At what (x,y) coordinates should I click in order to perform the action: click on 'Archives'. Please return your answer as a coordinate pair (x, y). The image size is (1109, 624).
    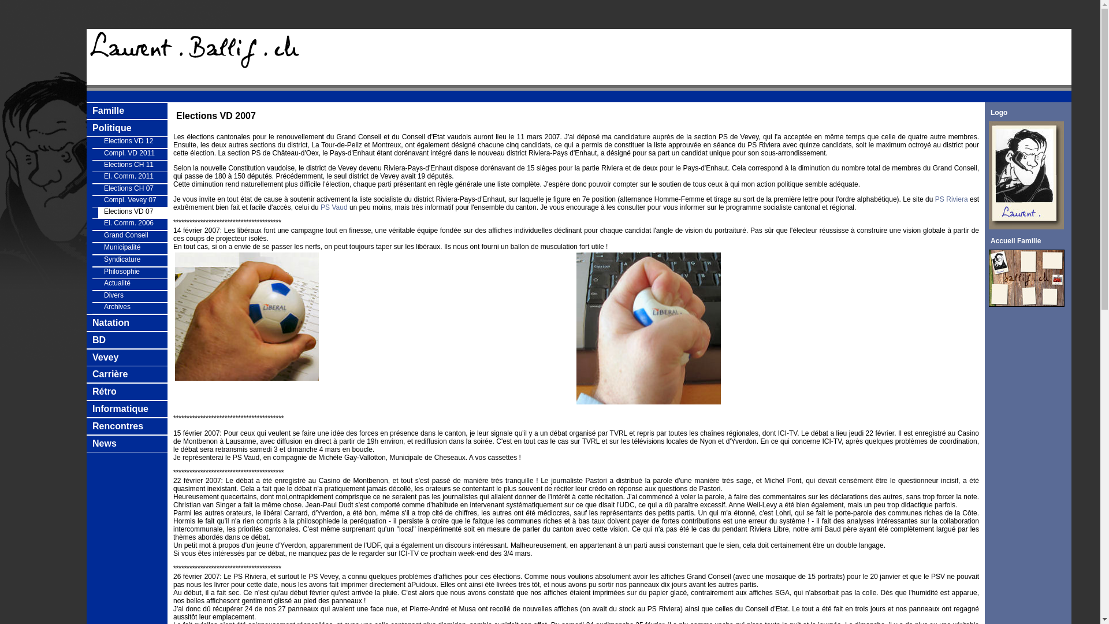
    Looking at the image, I should click on (133, 307).